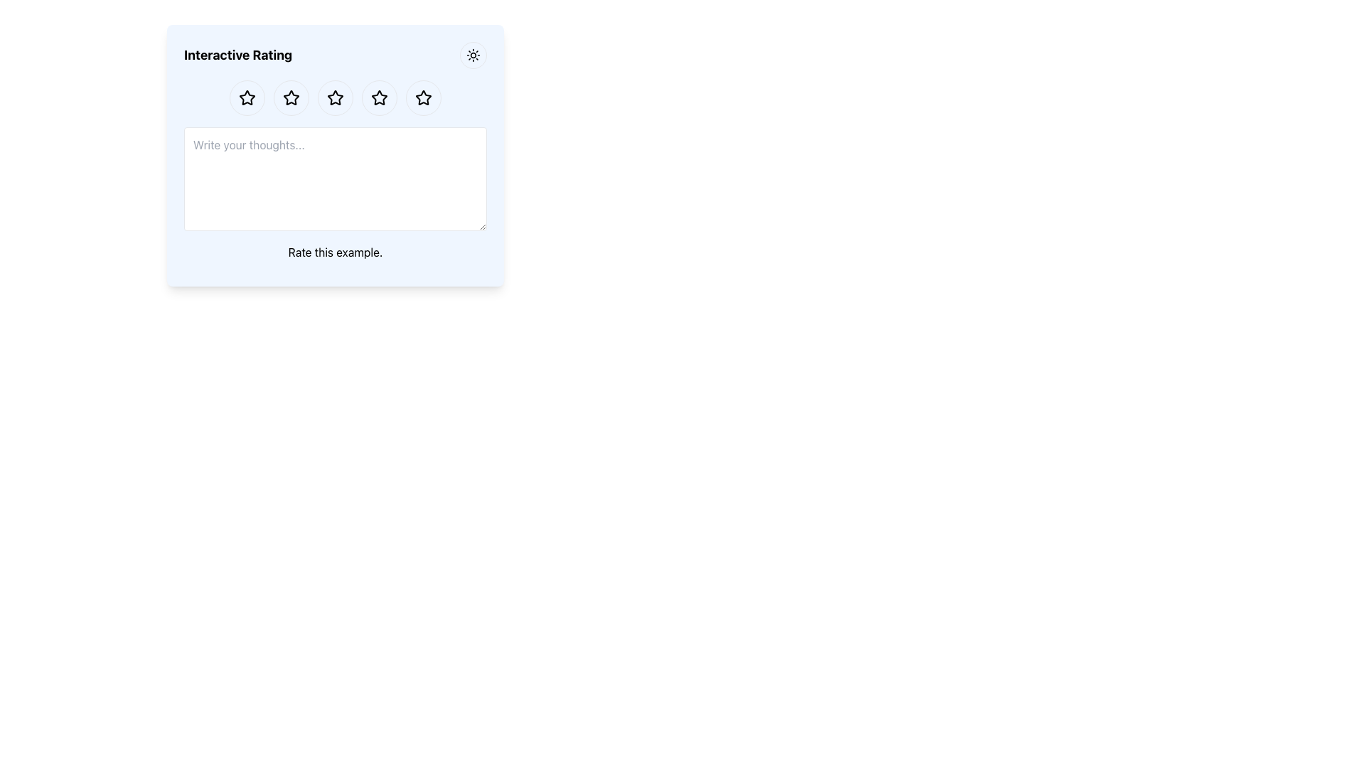 The width and height of the screenshot is (1365, 768). I want to click on the third star rating icon in the series of five, so click(334, 97).